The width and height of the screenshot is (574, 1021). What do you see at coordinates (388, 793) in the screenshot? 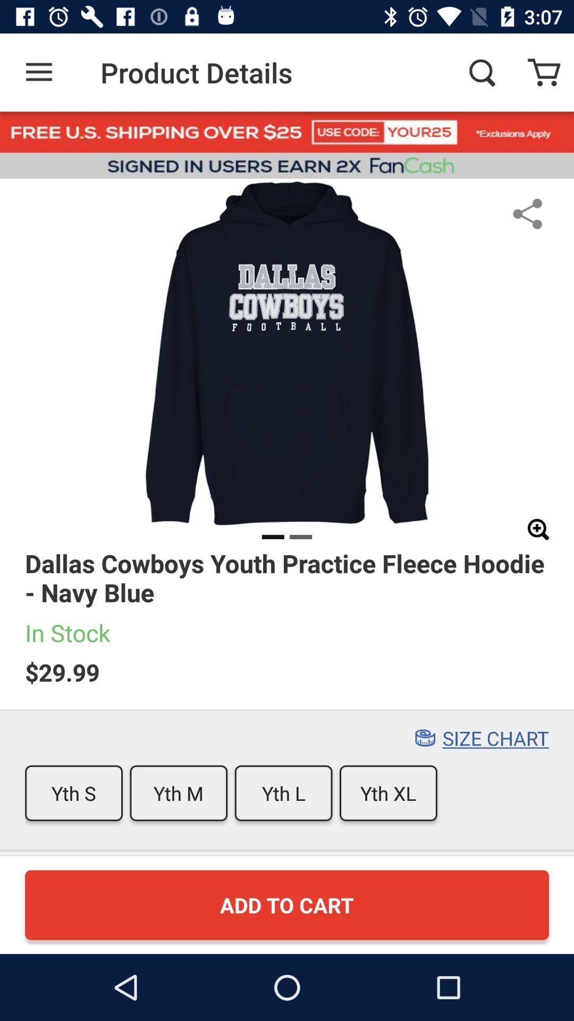
I see `yth xl icon` at bounding box center [388, 793].